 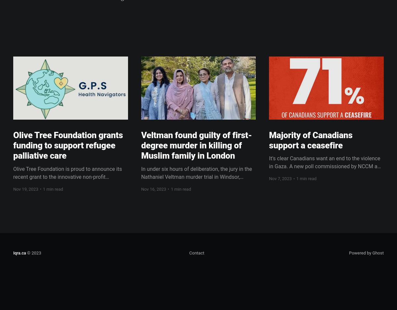 I want to click on 'Iqra.ca', so click(x=20, y=253).